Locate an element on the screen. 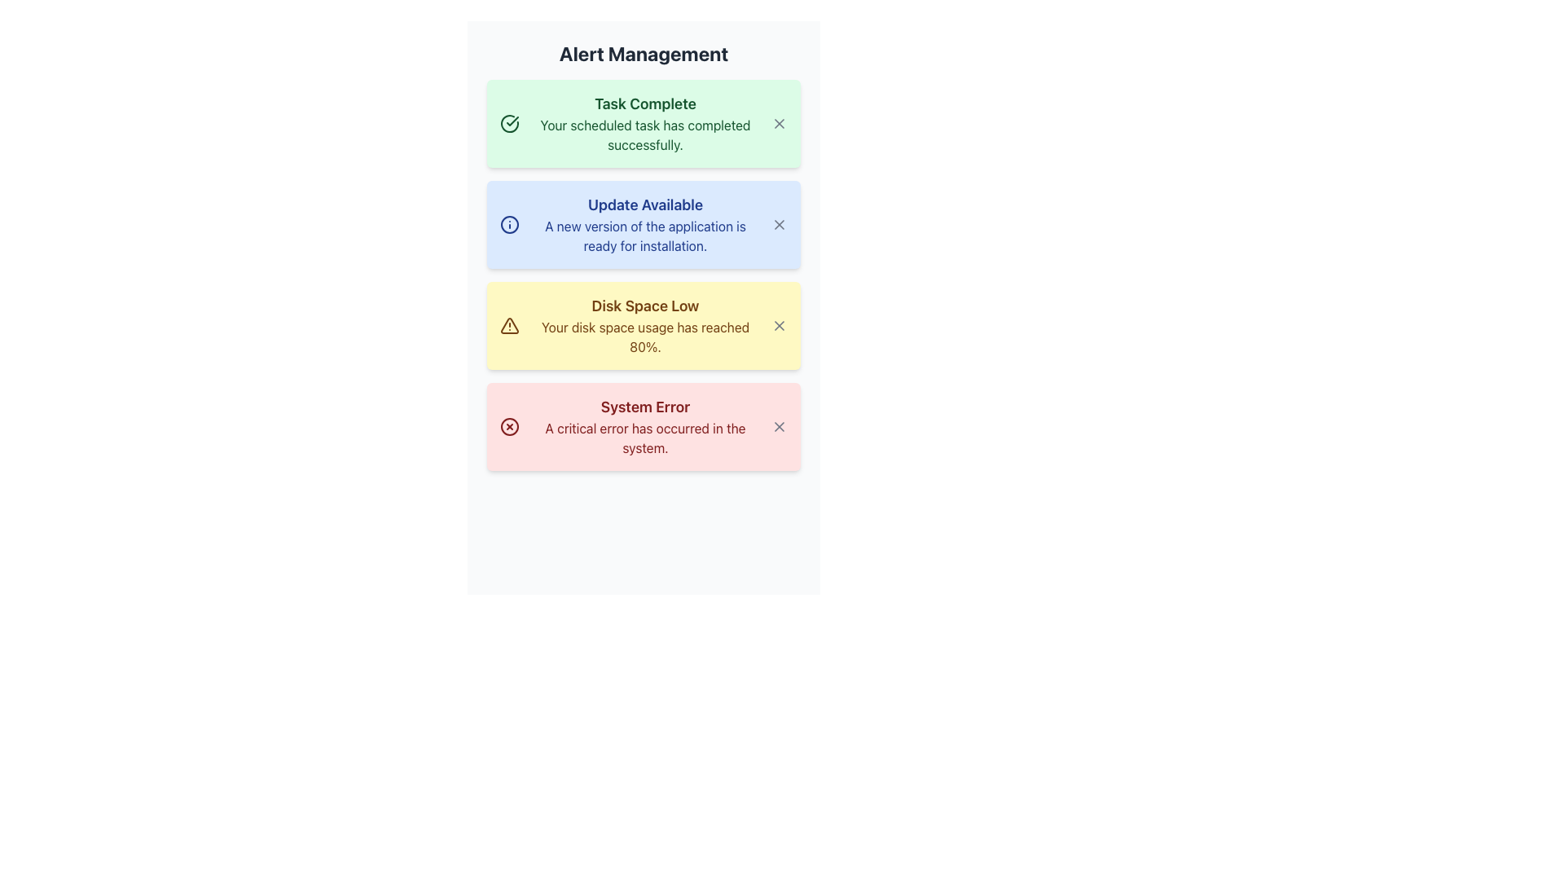 The image size is (1564, 880). static text label displaying 'Update Available' in bold, located prominently in the notification section under 'Alert Management' is located at coordinates (644, 204).